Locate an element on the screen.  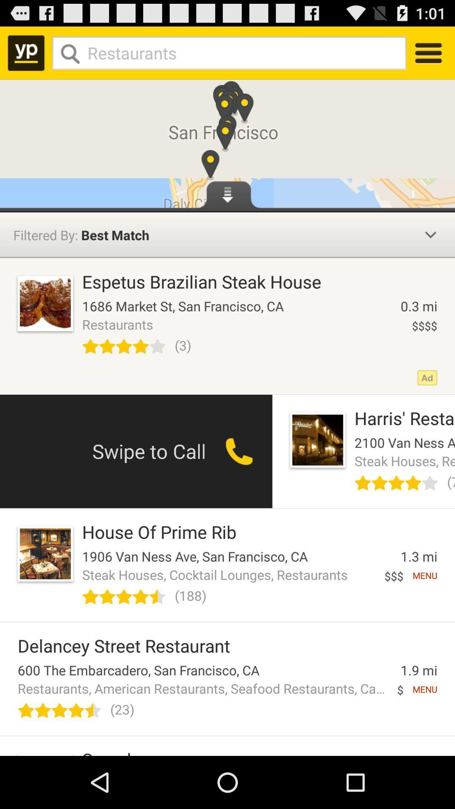
the menu icon is located at coordinates (431, 56).